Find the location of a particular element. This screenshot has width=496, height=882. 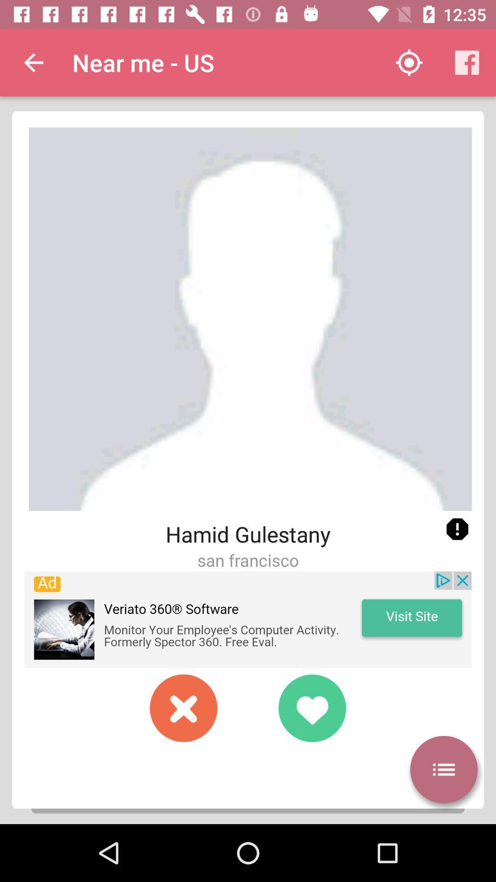

the list icon is located at coordinates (443, 769).